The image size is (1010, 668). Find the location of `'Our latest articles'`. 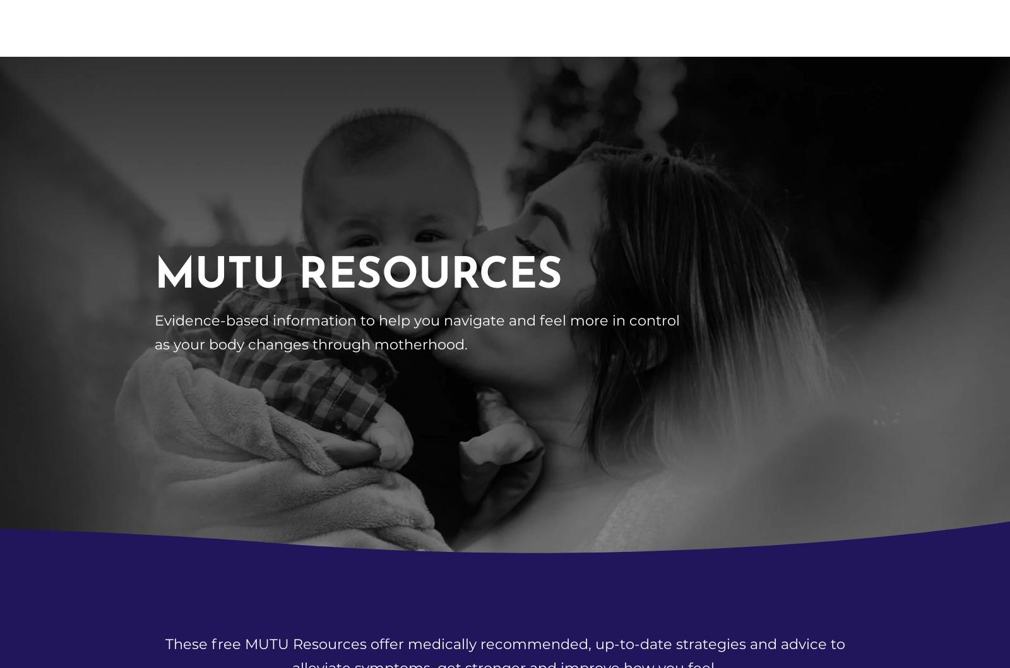

'Our latest articles' is located at coordinates (505, 377).